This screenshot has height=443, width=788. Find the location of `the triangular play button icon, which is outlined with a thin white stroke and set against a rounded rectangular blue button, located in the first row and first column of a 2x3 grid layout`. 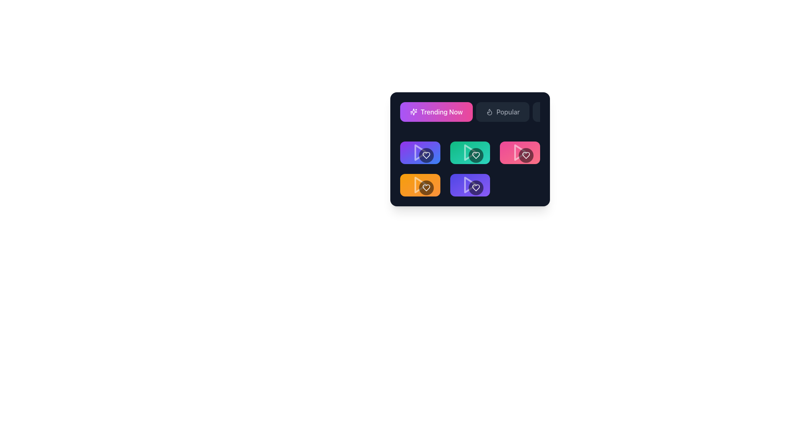

the triangular play button icon, which is outlined with a thin white stroke and set against a rounded rectangular blue button, located in the first row and first column of a 2x3 grid layout is located at coordinates (421, 153).